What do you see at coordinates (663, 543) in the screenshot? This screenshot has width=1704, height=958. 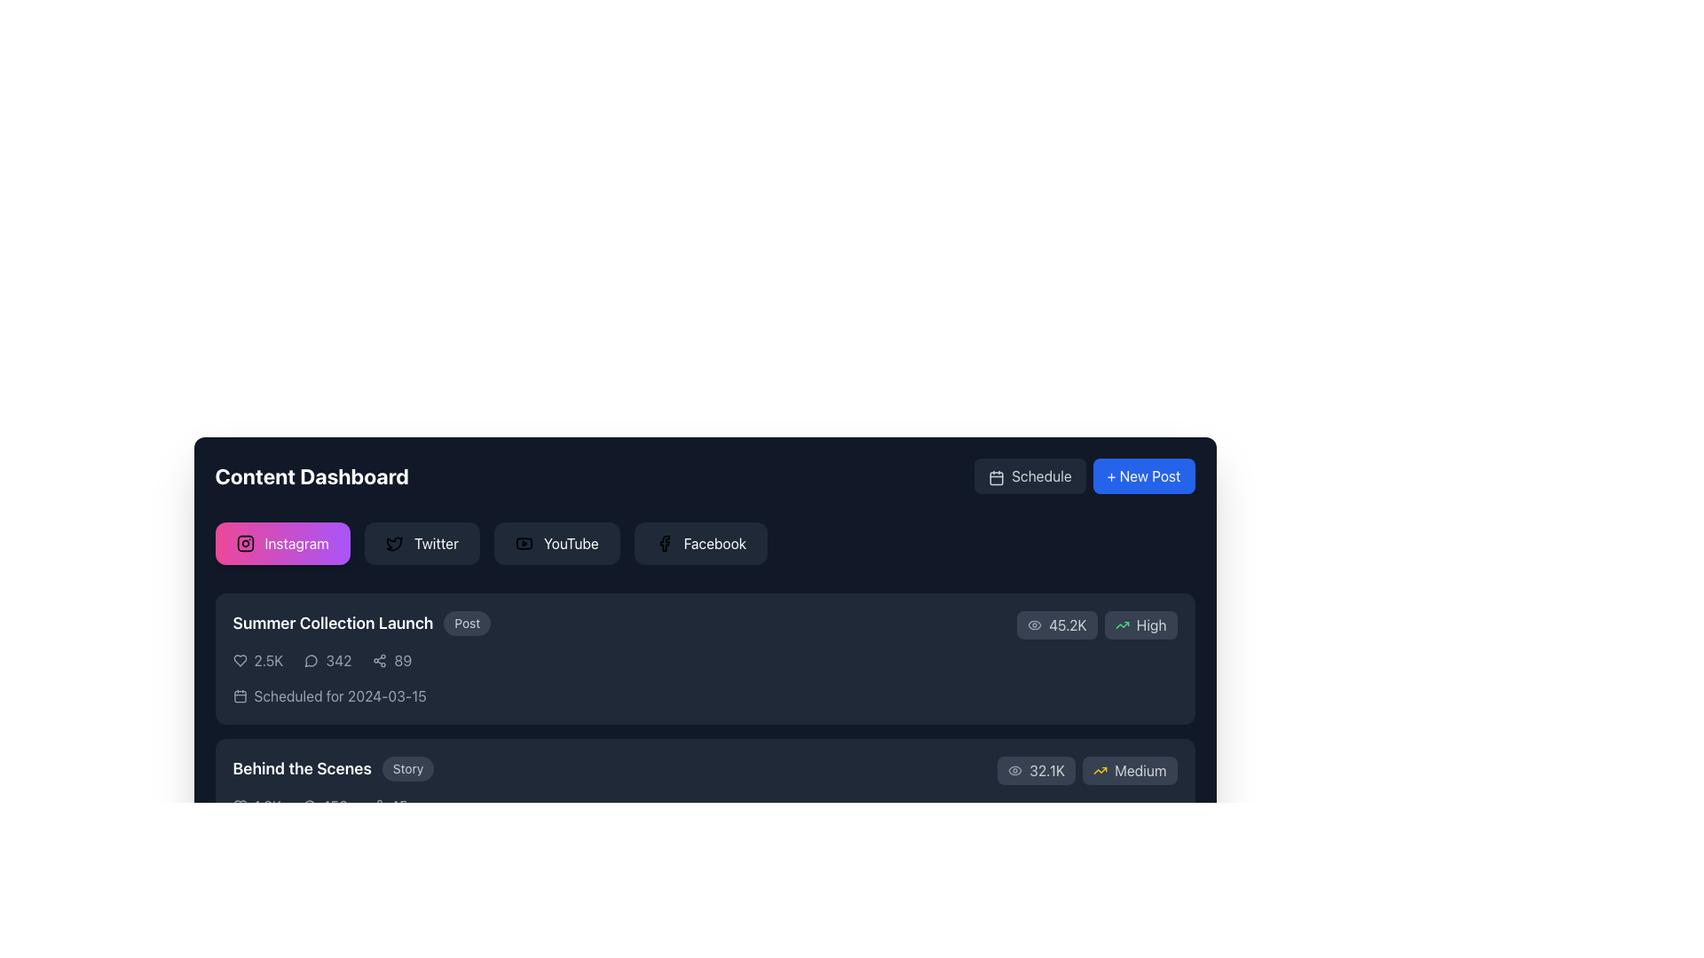 I see `the Facebook icon located inside the Facebook button, which is the fourth button in a horizontal collection of social media buttons` at bounding box center [663, 543].